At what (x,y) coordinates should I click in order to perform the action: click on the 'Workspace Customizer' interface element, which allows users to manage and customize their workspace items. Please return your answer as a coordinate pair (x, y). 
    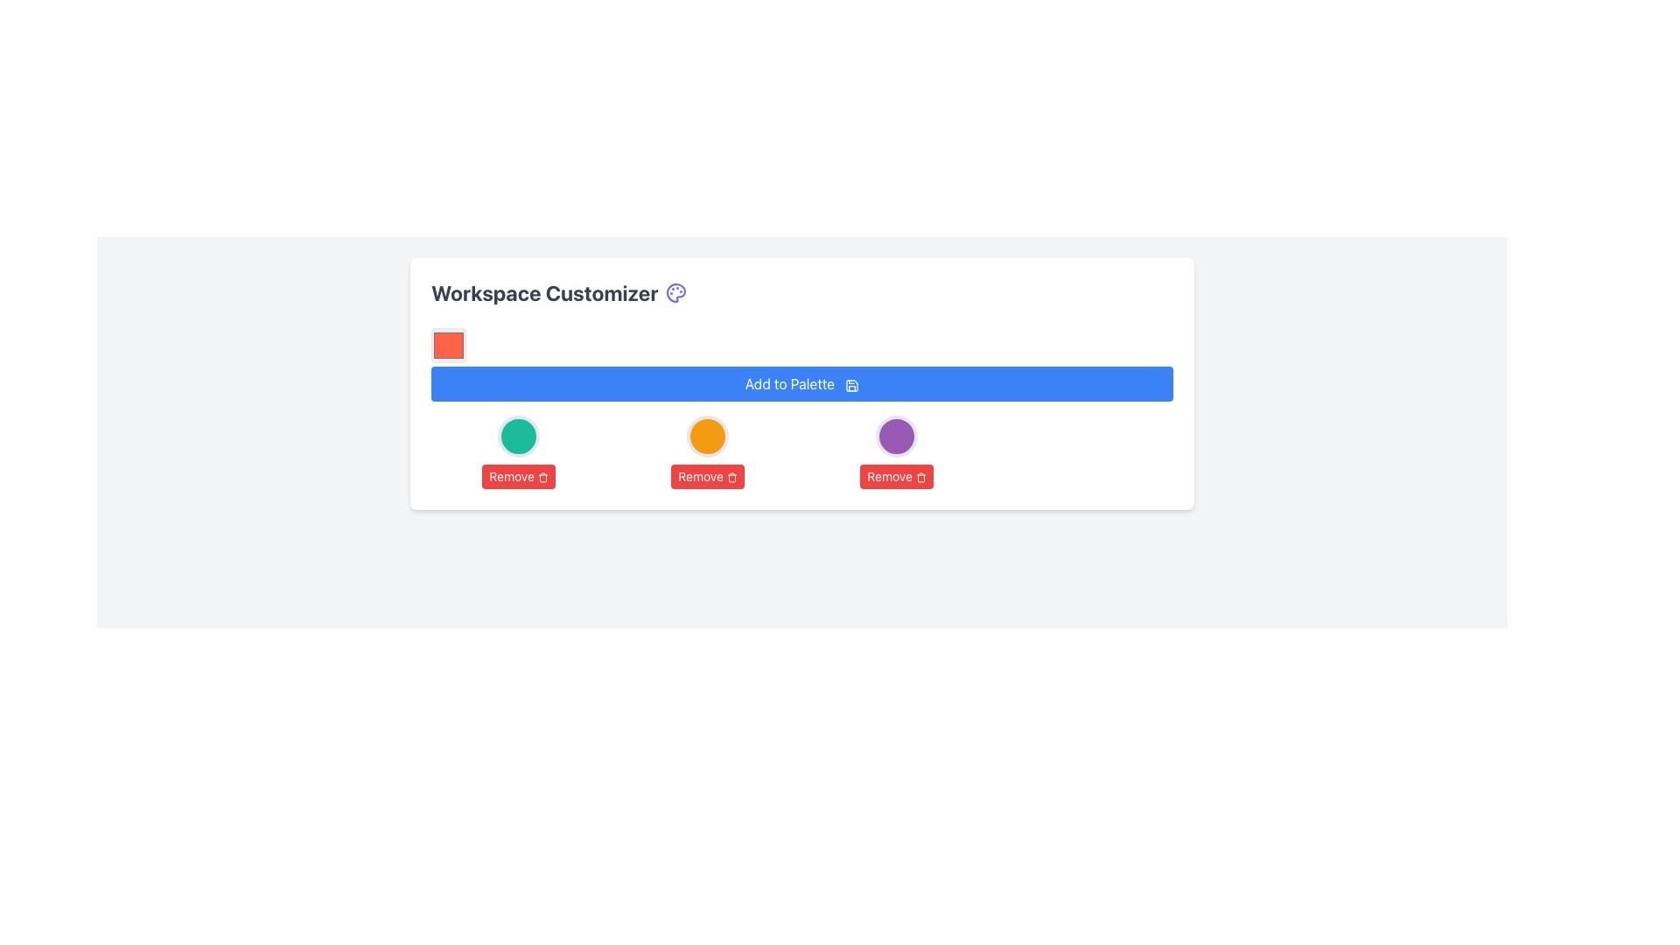
    Looking at the image, I should click on (801, 383).